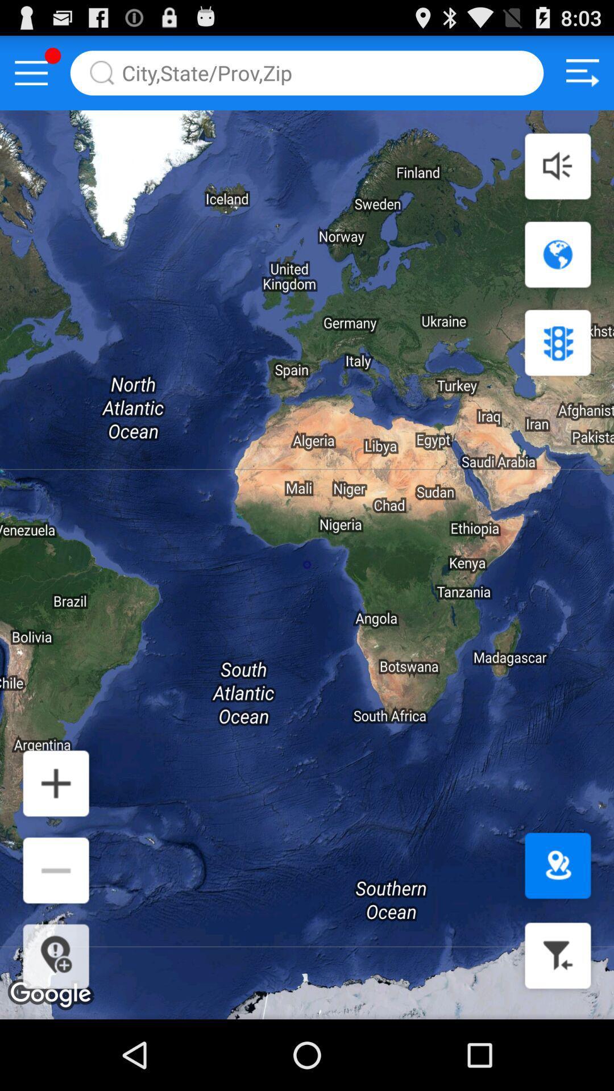  I want to click on the globe icon, so click(557, 272).